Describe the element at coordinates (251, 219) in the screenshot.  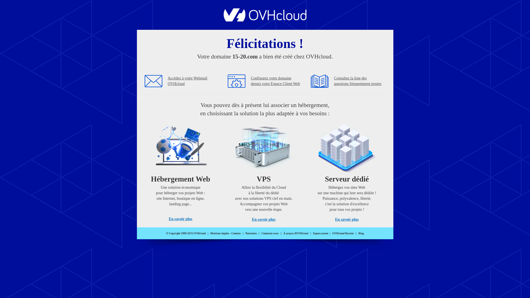
I see `'En savoir plus'` at that location.